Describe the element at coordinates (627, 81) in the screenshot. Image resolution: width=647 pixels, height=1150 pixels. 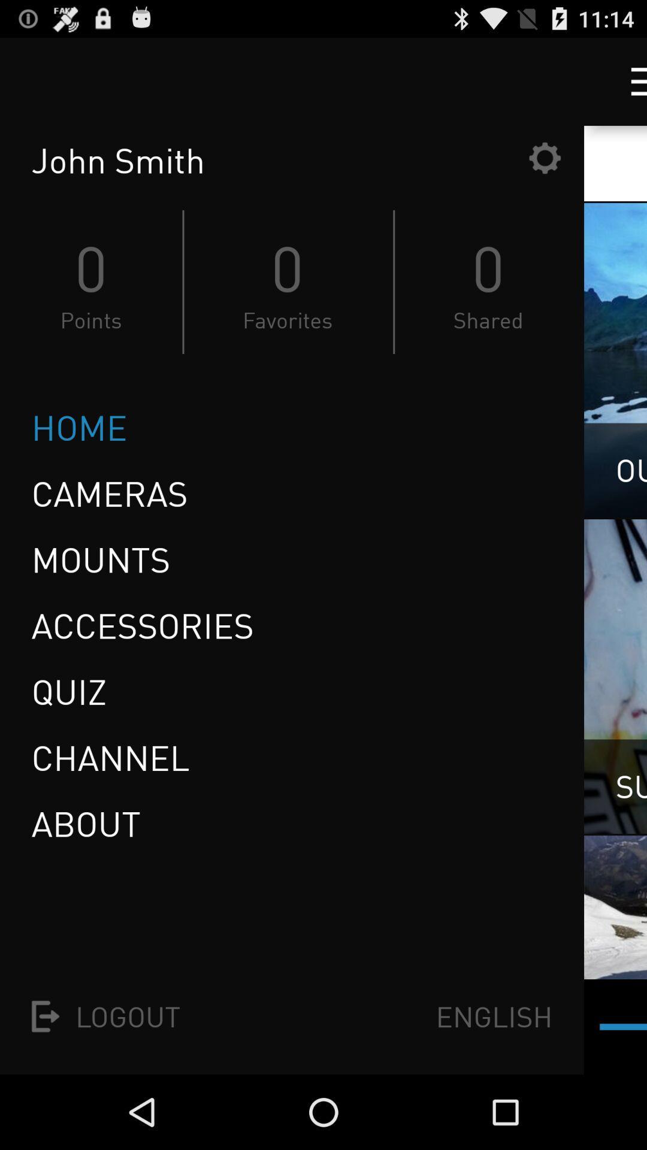
I see `more options button` at that location.